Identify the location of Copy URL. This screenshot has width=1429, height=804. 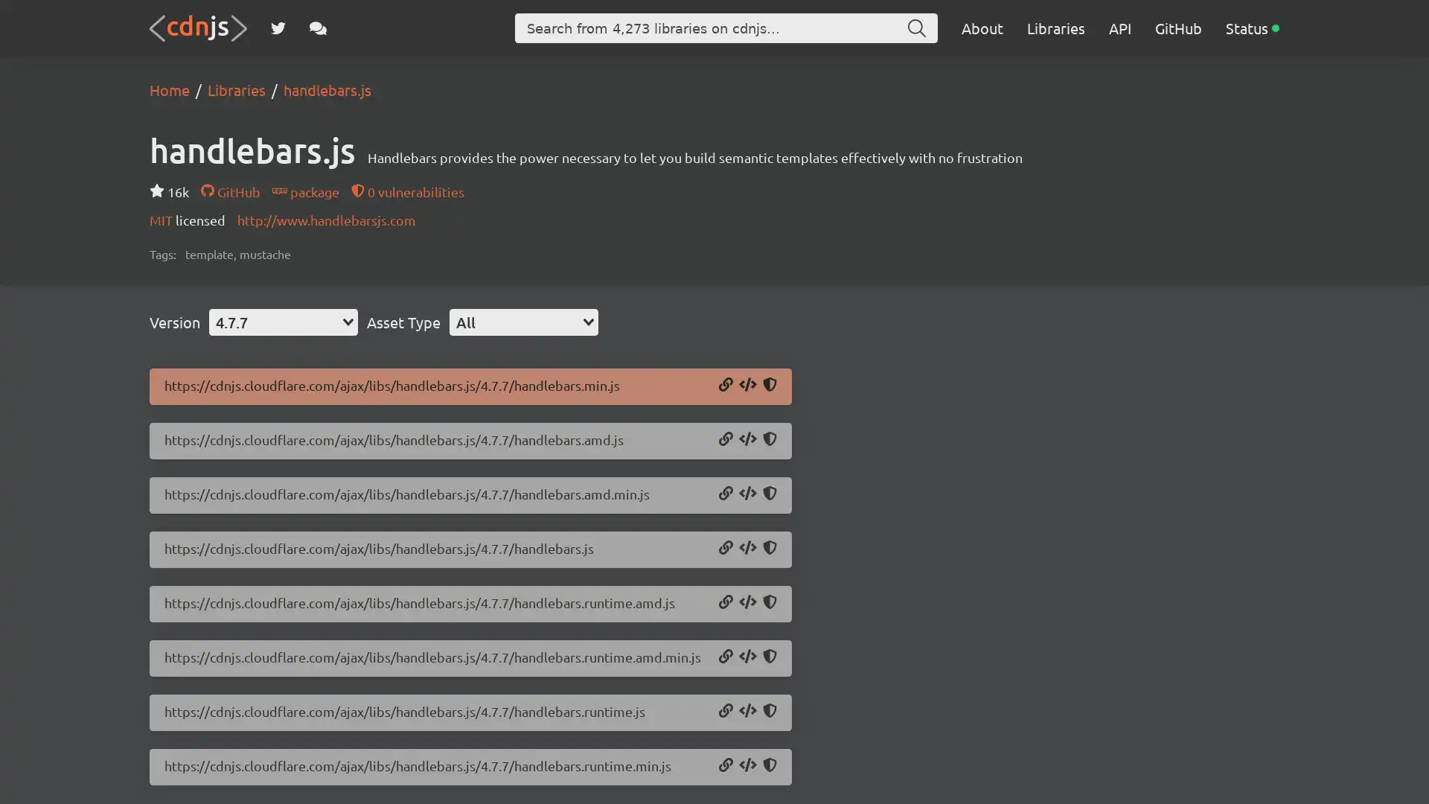
(726, 657).